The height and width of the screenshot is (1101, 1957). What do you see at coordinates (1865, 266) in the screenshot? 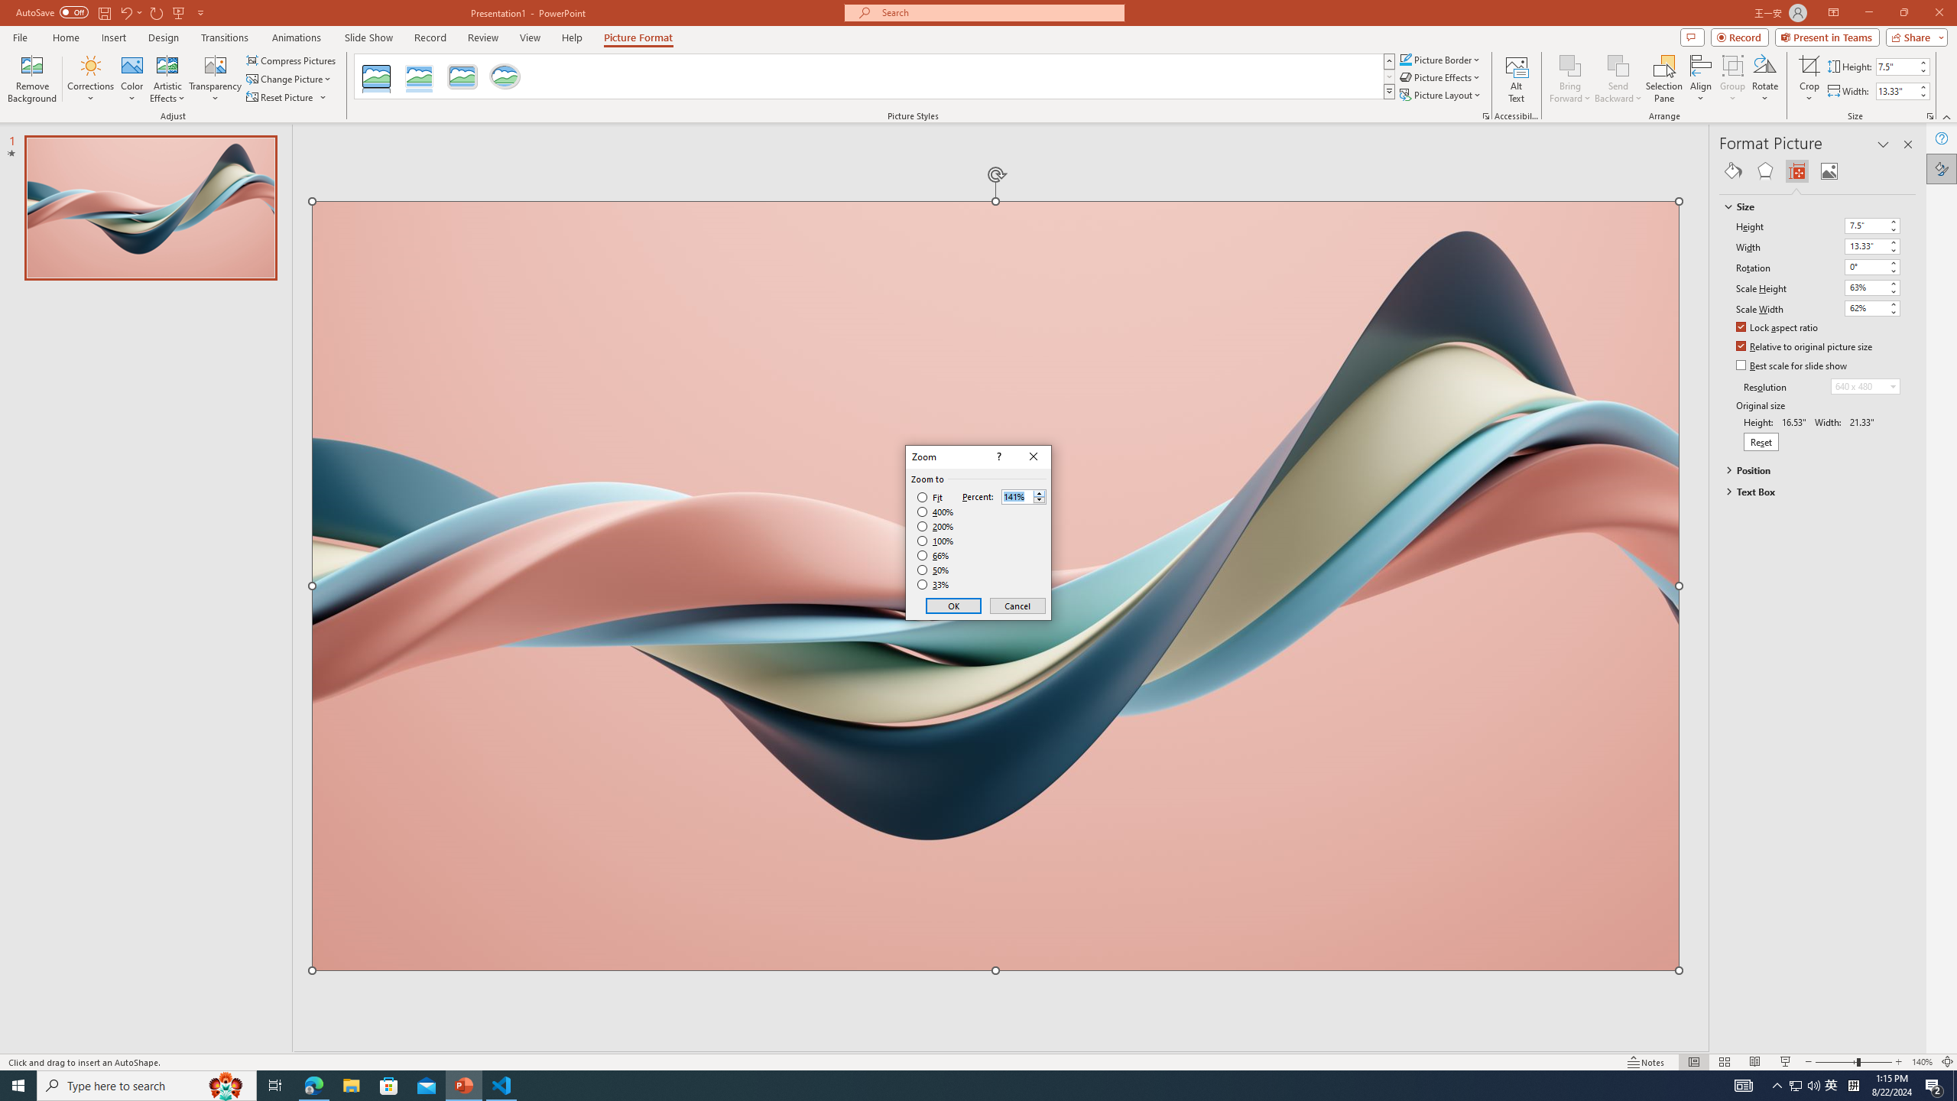
I see `'Rotation'` at bounding box center [1865, 266].